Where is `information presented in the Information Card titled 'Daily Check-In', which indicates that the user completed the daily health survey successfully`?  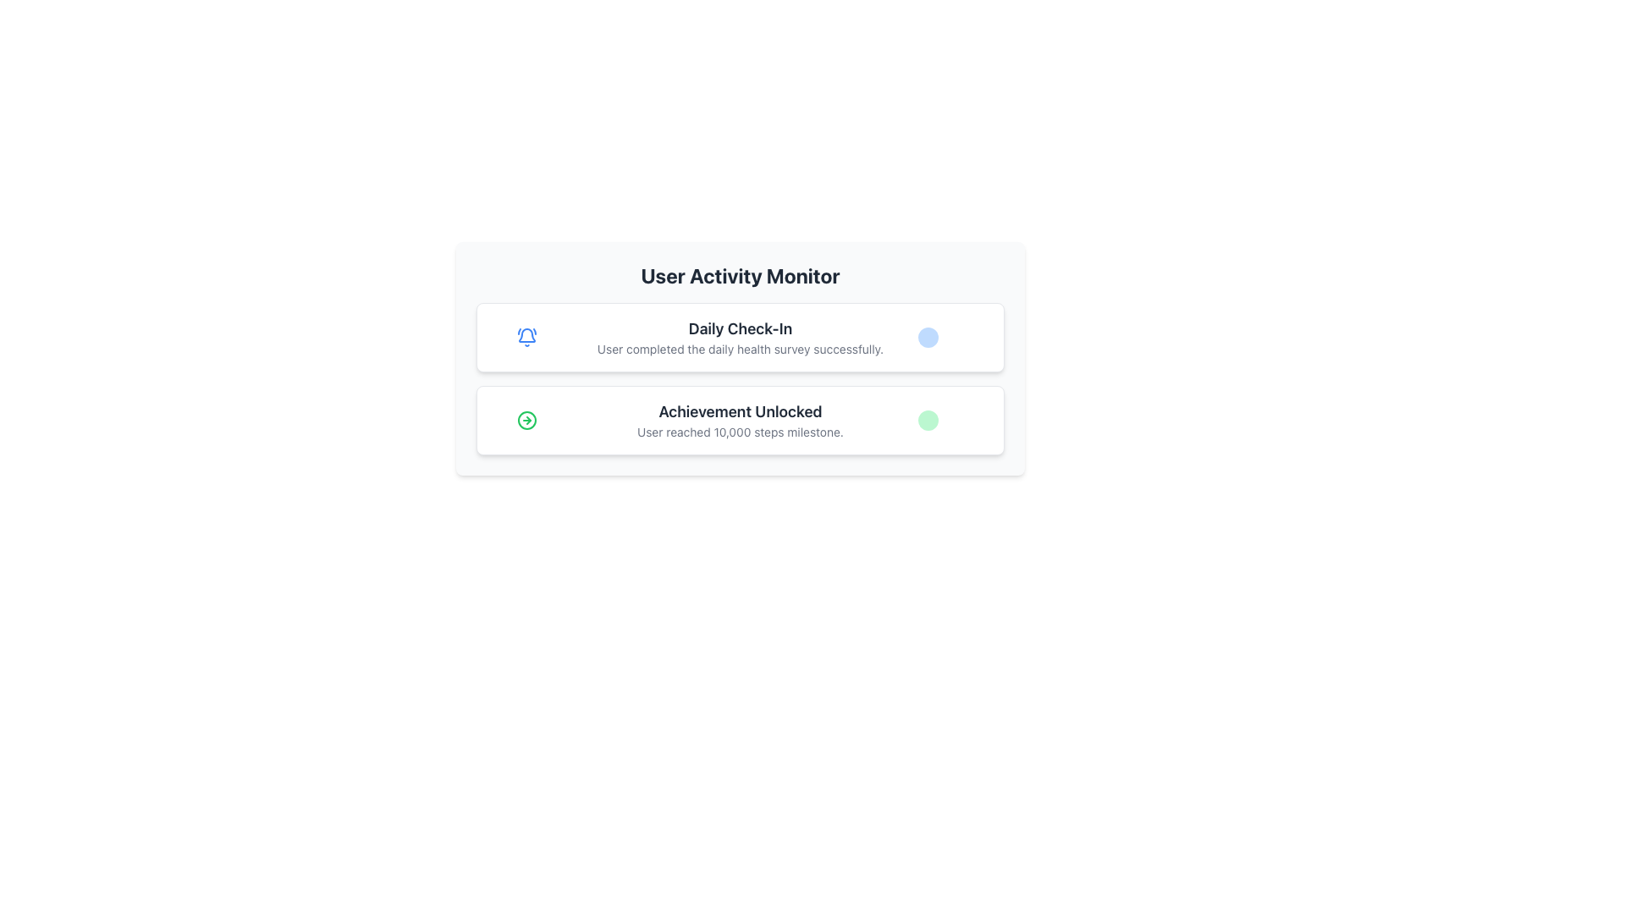
information presented in the Information Card titled 'Daily Check-In', which indicates that the user completed the daily health survey successfully is located at coordinates (740, 337).